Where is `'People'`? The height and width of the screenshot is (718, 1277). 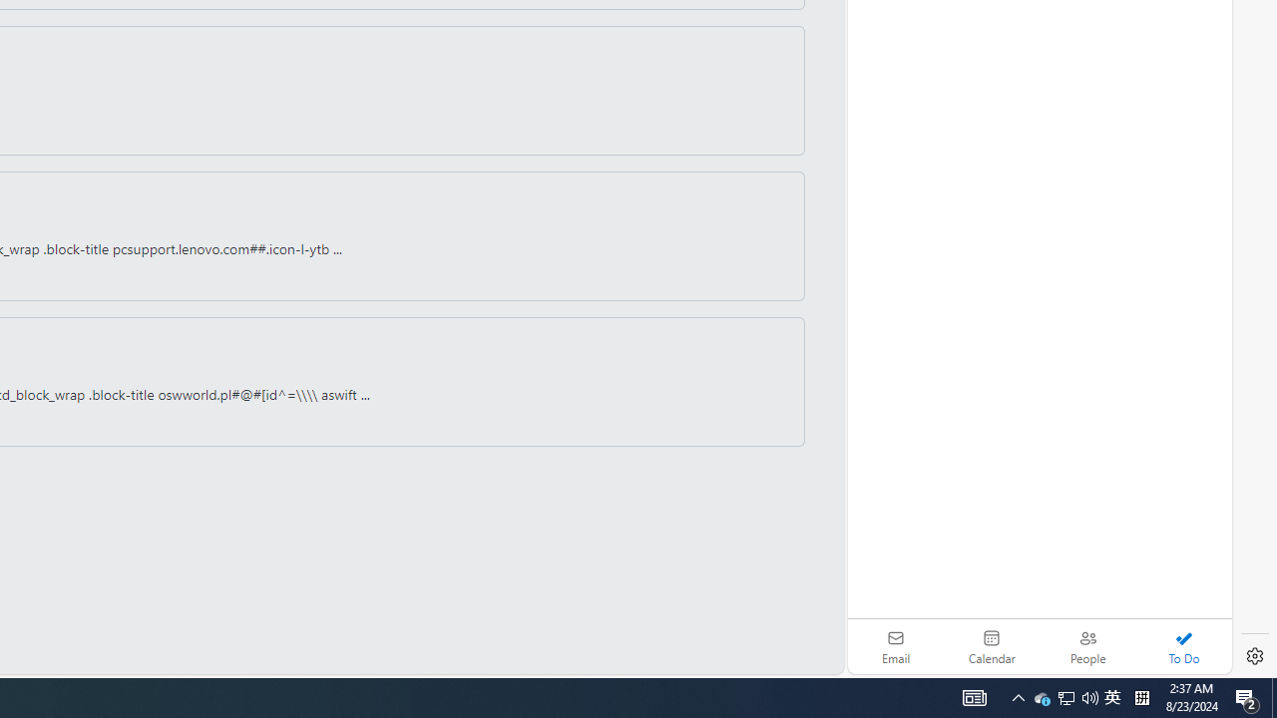
'People' is located at coordinates (1086, 646).